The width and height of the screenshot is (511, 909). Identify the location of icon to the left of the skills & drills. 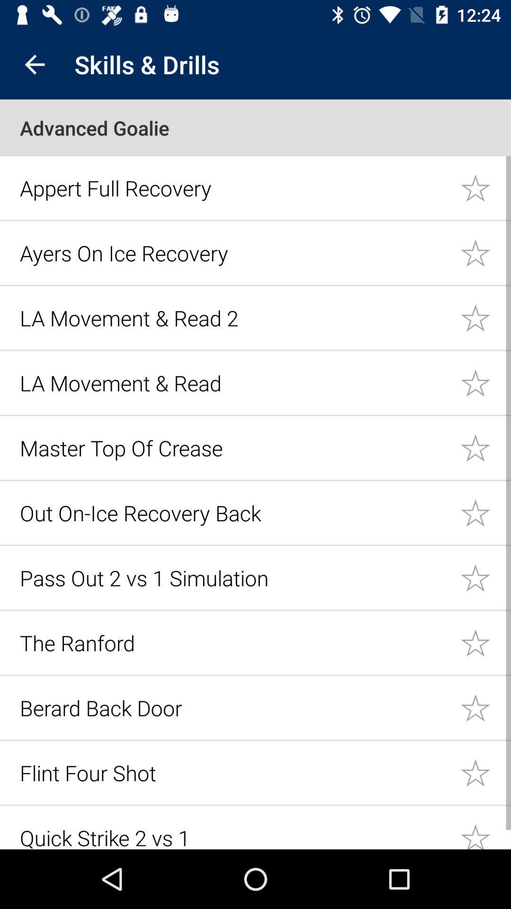
(34, 64).